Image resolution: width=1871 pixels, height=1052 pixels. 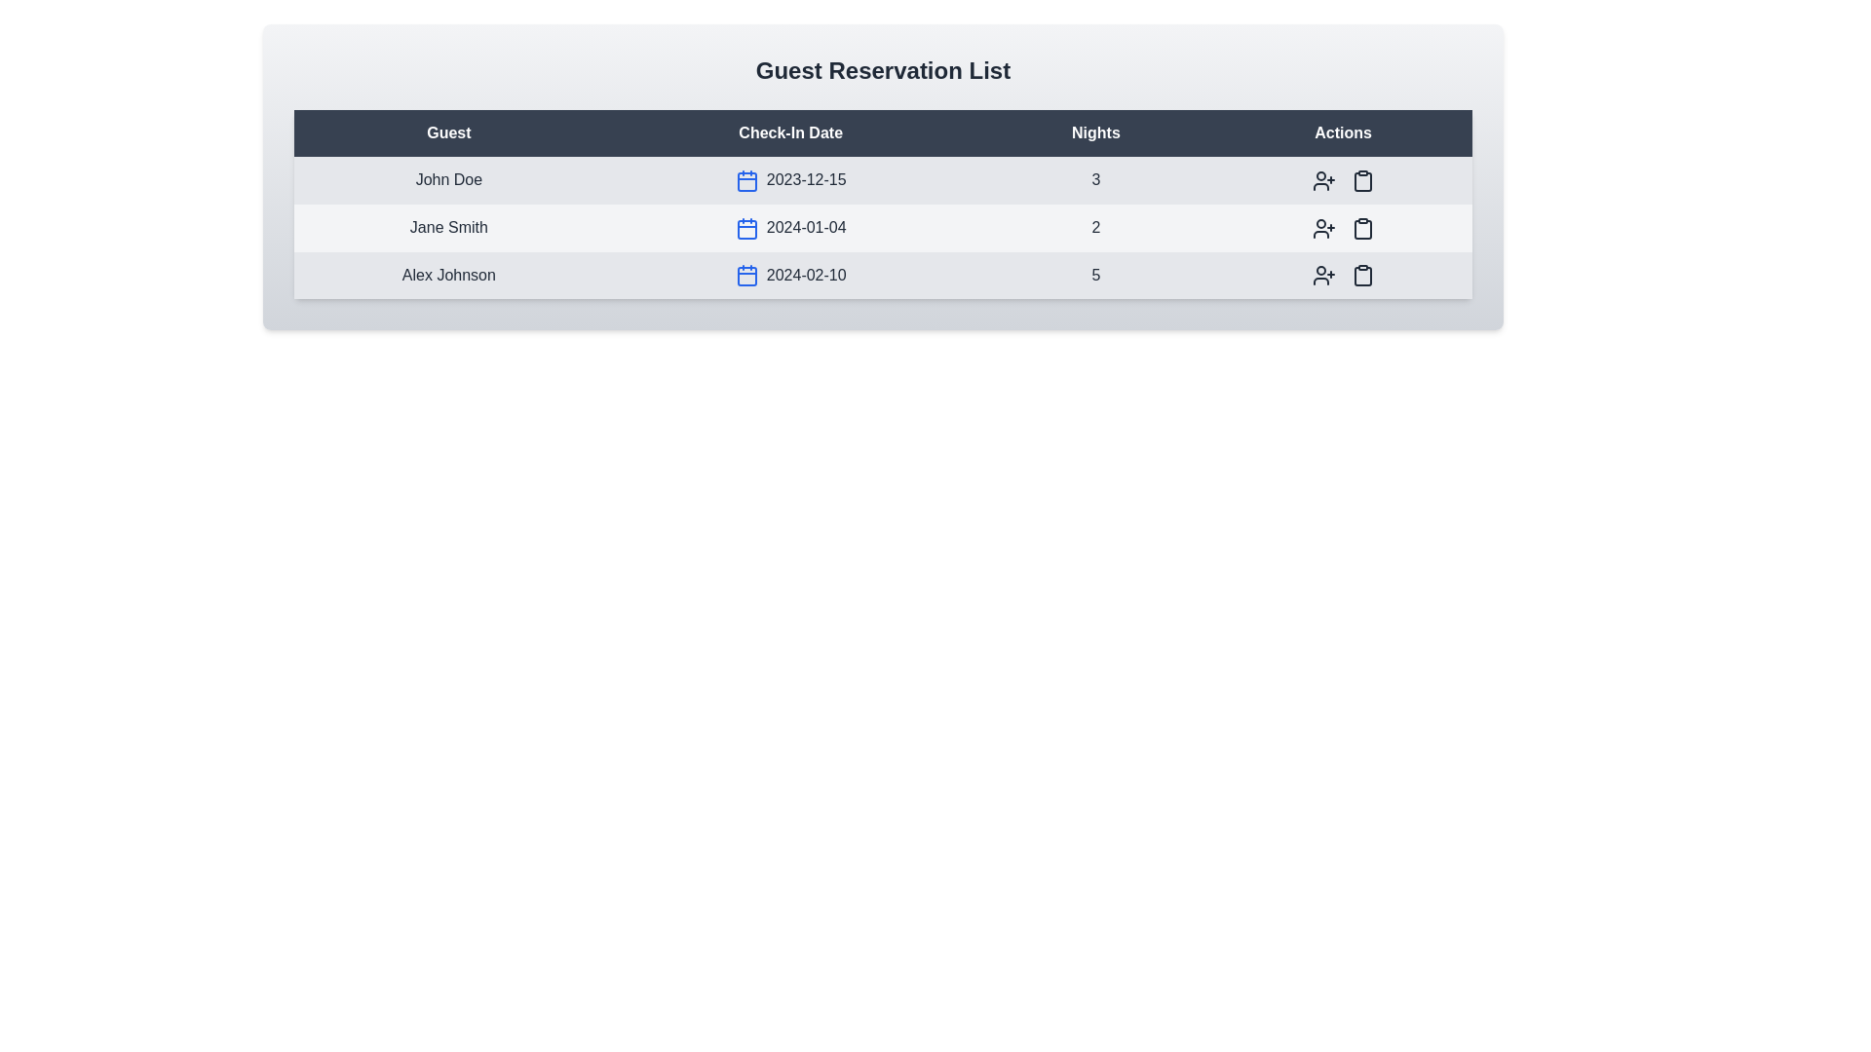 I want to click on the clipboard icon in the 'Actions' column of the last row, aligned with 'Alex Johnson', so click(x=1361, y=276).